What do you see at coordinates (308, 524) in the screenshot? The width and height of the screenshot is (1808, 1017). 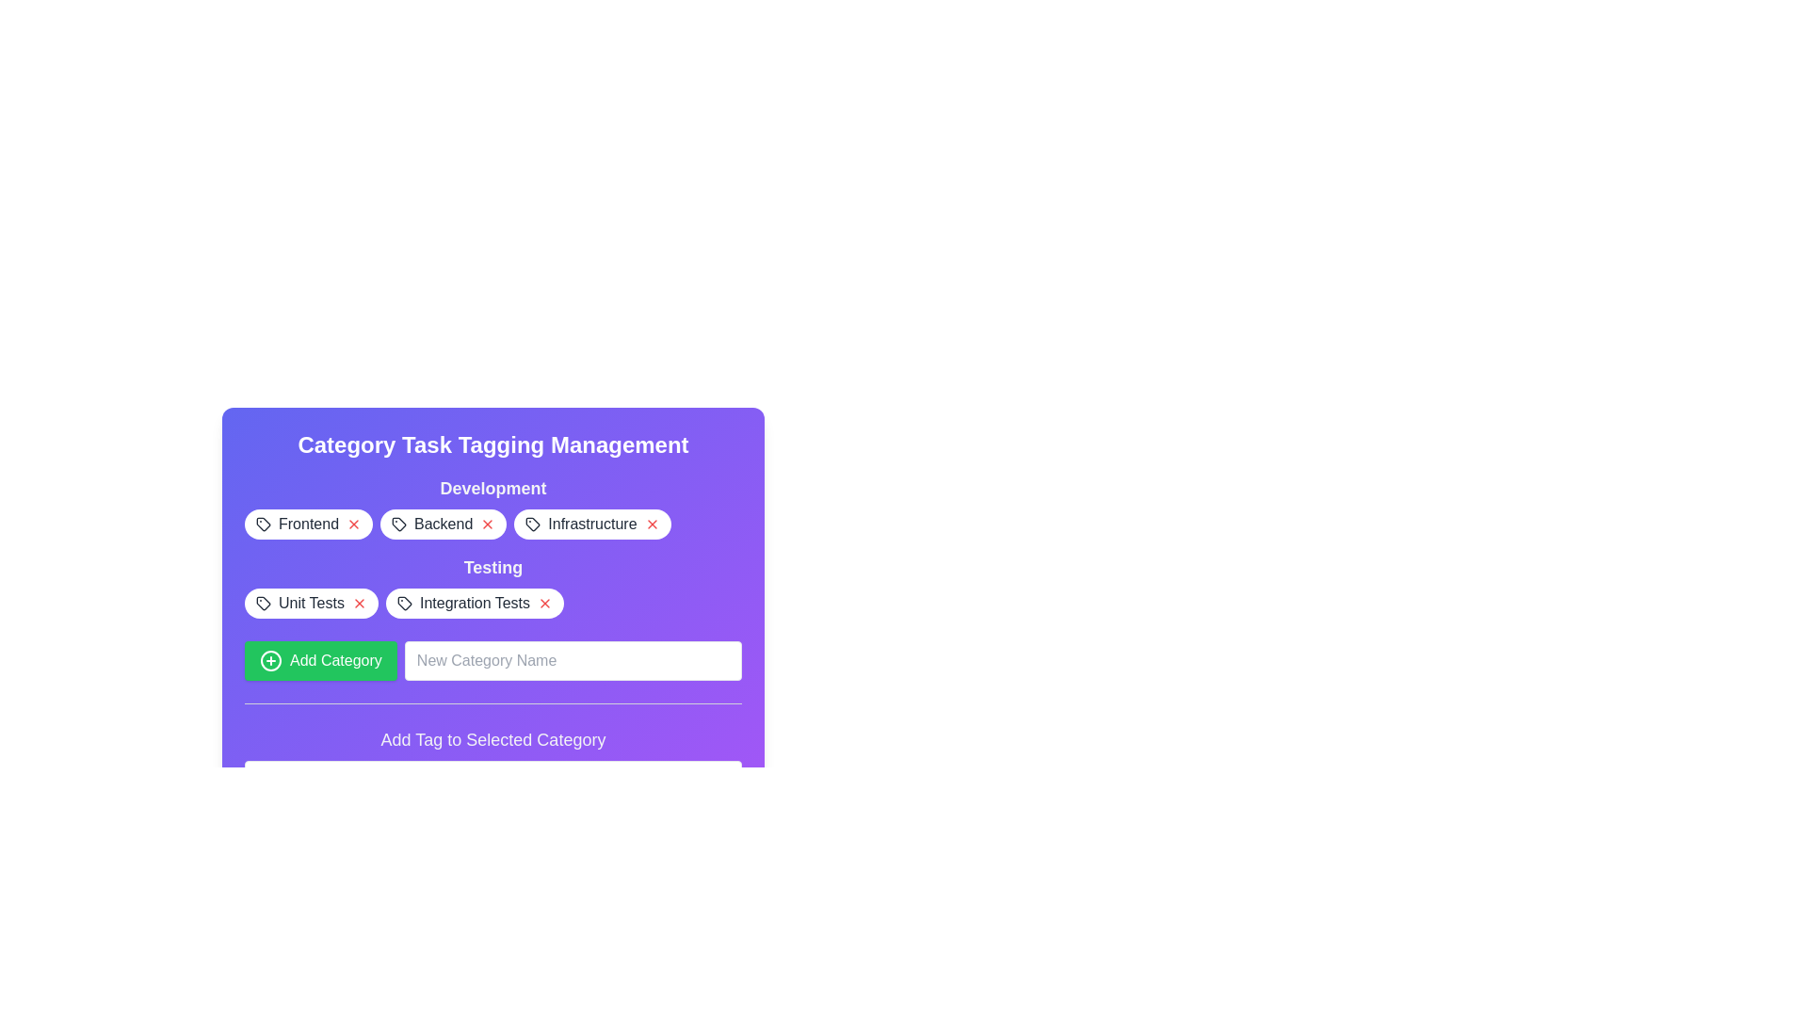 I see `the red cross icon on the 'Frontend' tag` at bounding box center [308, 524].